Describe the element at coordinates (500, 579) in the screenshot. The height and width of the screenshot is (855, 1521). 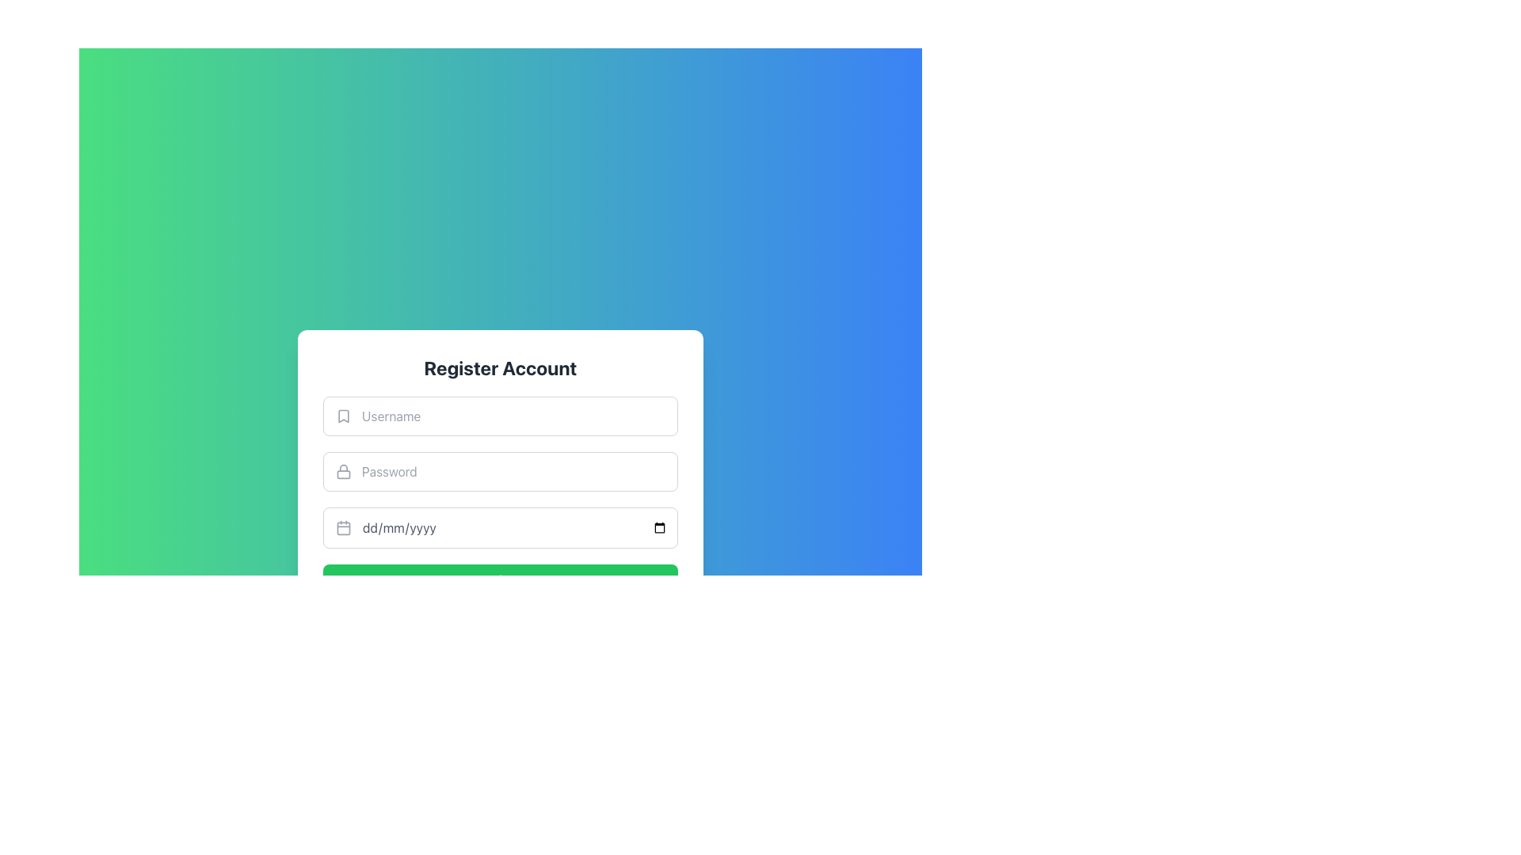
I see `the green rectangular 'Register' button located at the bottom of the form` at that location.